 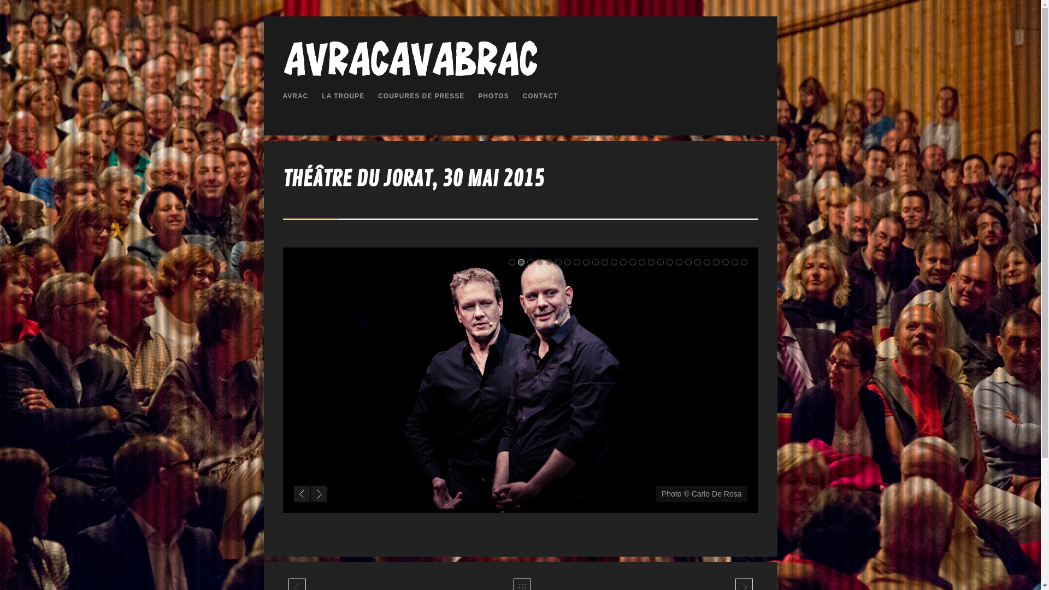 What do you see at coordinates (703, 262) in the screenshot?
I see `'22'` at bounding box center [703, 262].